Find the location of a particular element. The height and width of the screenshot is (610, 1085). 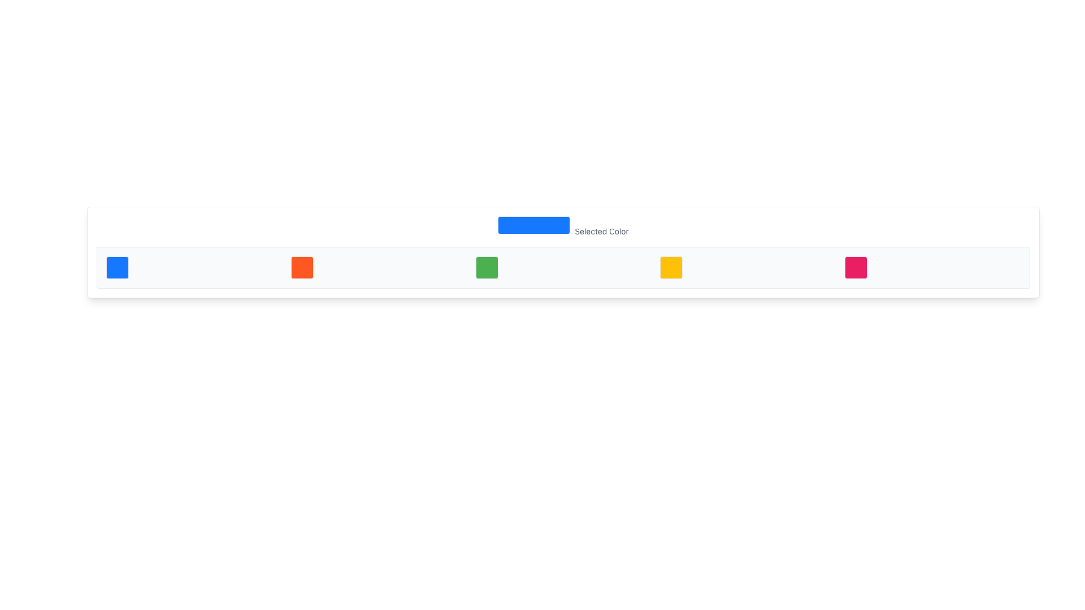

the square button with a blue background and rounded corners, which is the first item in a row of five horizontally arranged square elements is located at coordinates (117, 268).